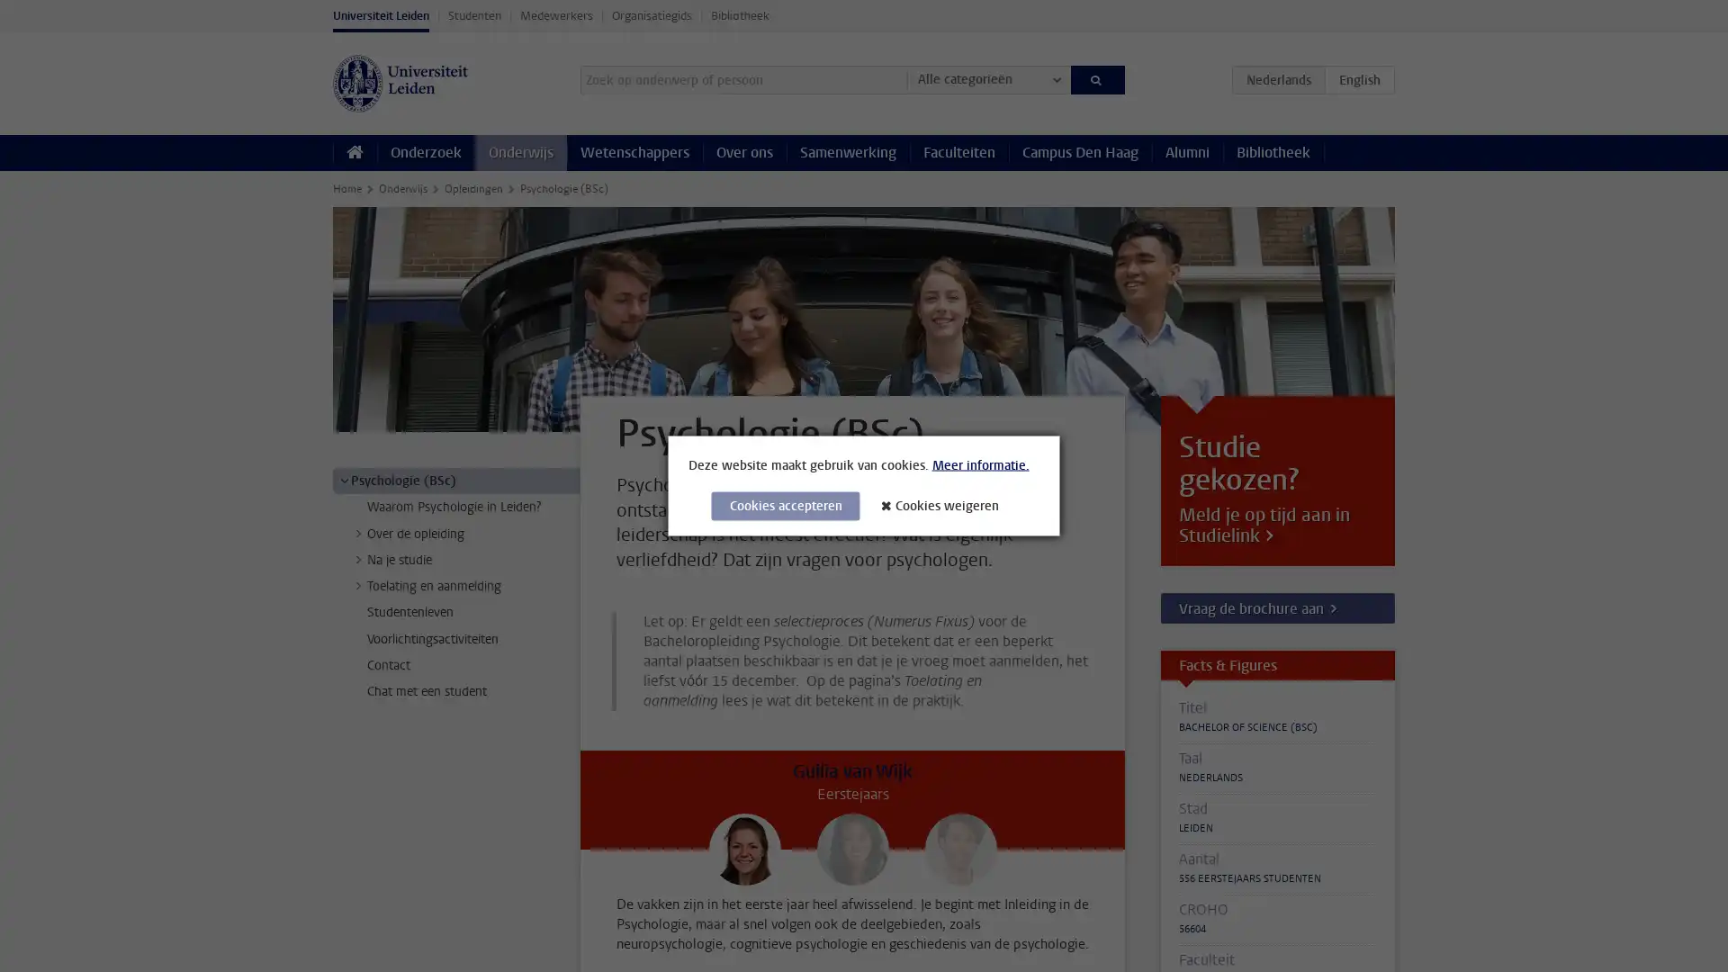 The width and height of the screenshot is (1728, 972). Describe the element at coordinates (358, 558) in the screenshot. I see `>` at that location.